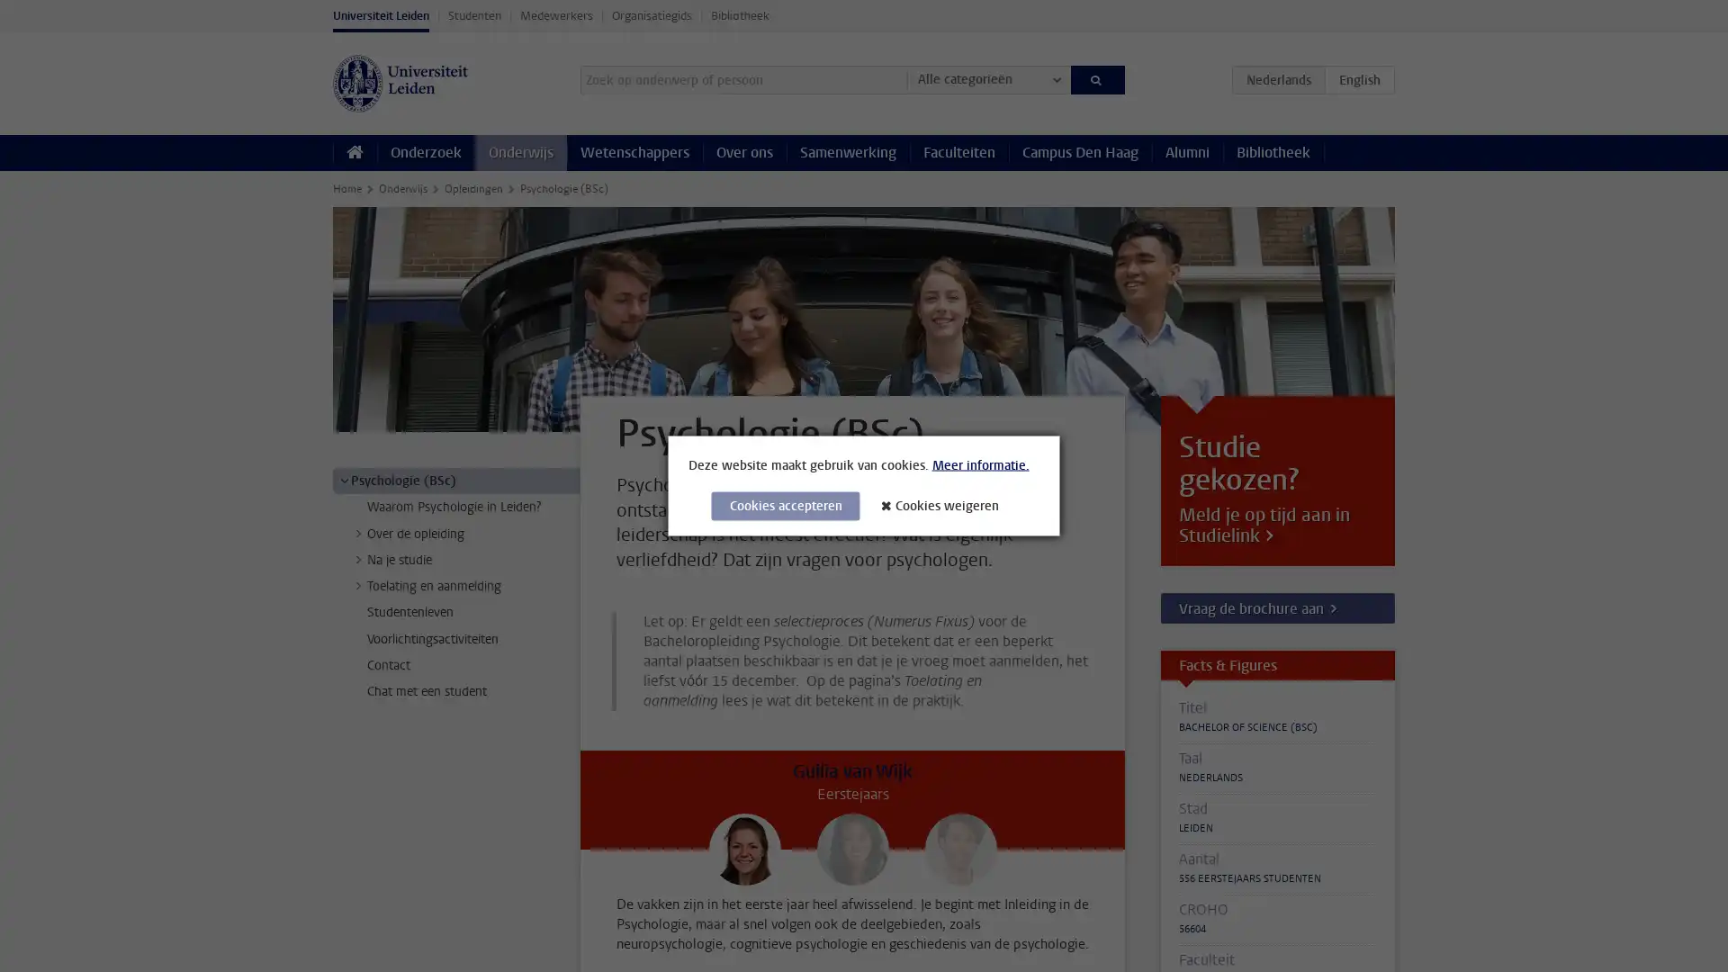 The width and height of the screenshot is (1728, 972). Describe the element at coordinates (358, 558) in the screenshot. I see `>` at that location.